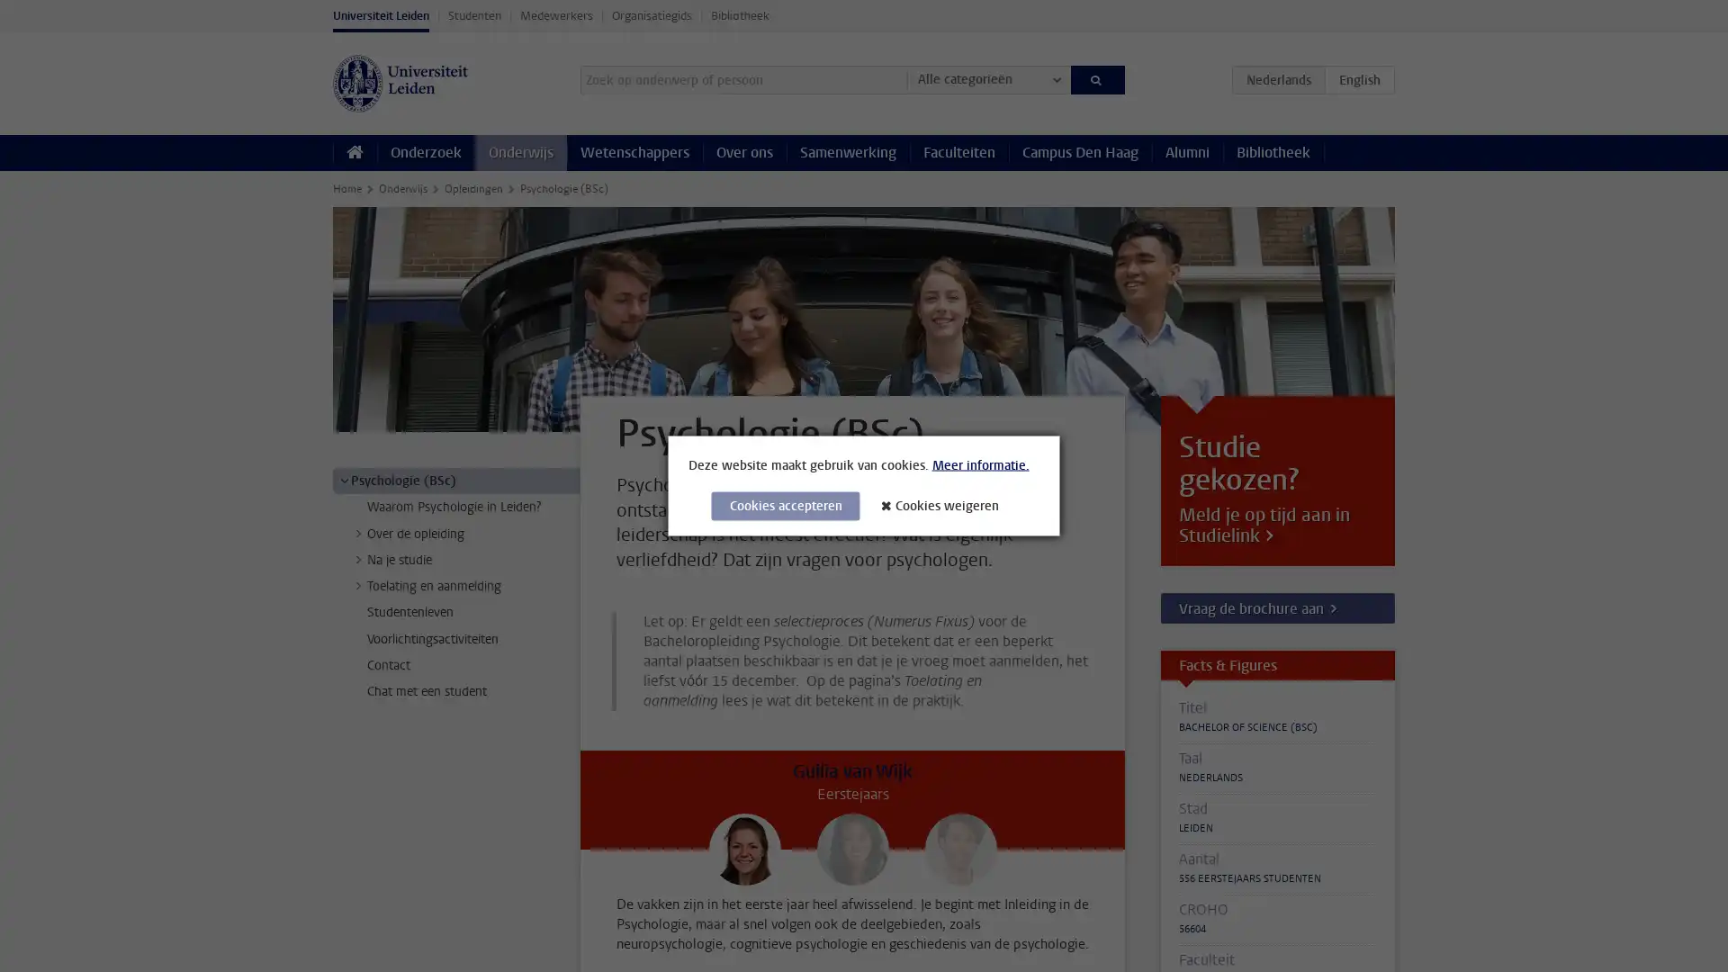 The width and height of the screenshot is (1728, 972). Describe the element at coordinates (358, 558) in the screenshot. I see `>` at that location.